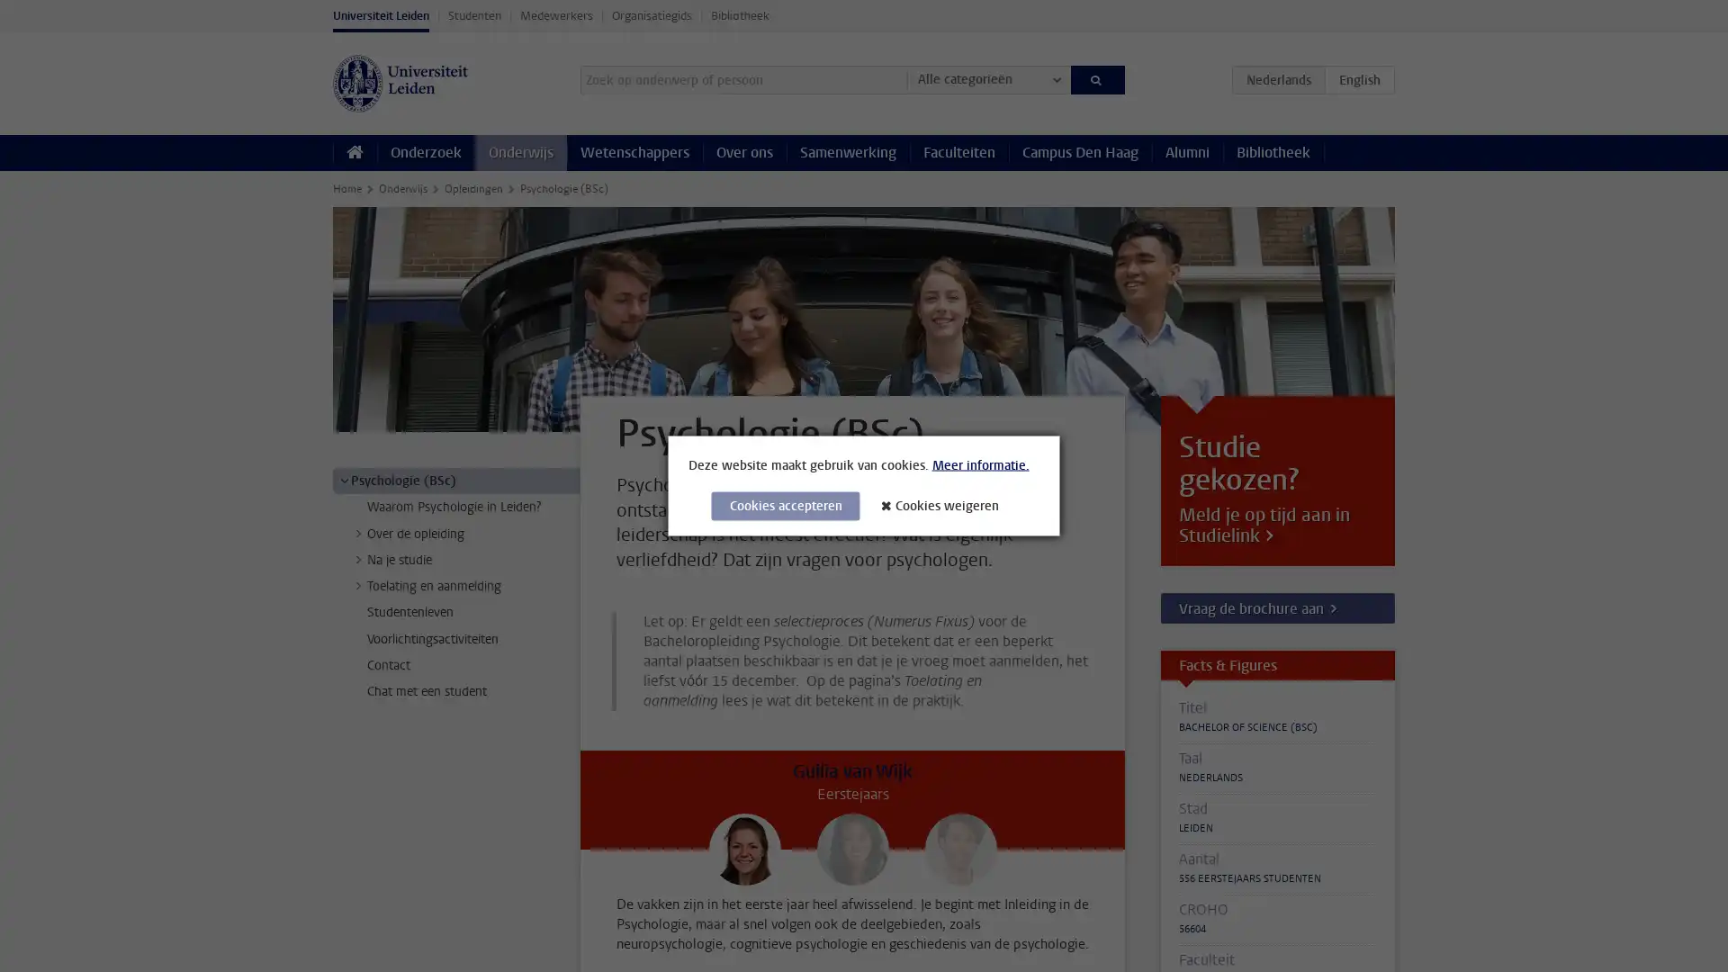 The width and height of the screenshot is (1728, 972). Describe the element at coordinates (358, 558) in the screenshot. I see `>` at that location.